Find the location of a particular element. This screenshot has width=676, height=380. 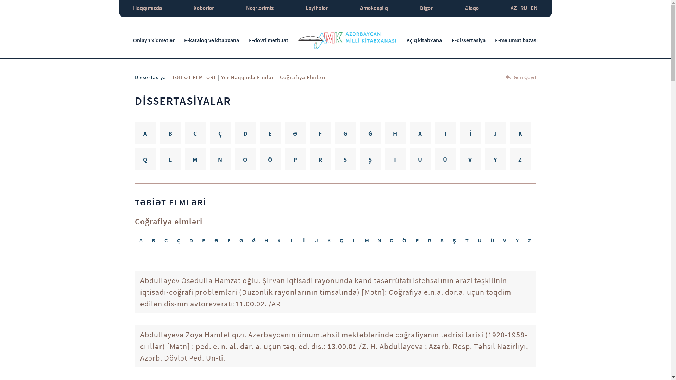

'EN' is located at coordinates (534, 8).